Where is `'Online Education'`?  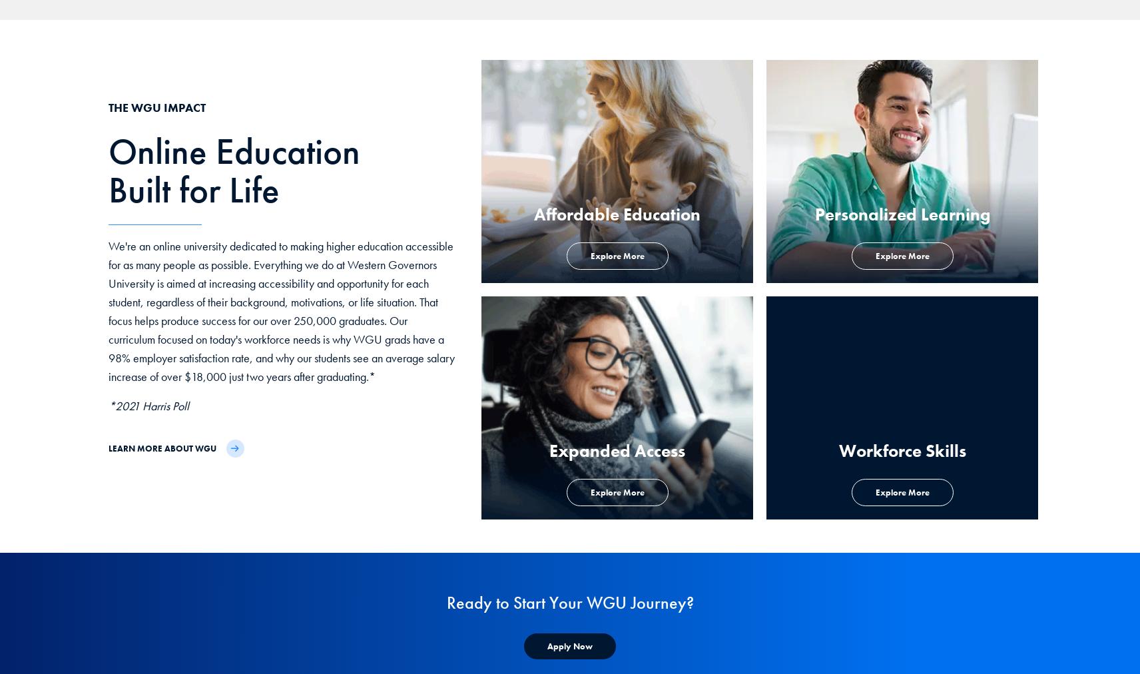
'Online Education' is located at coordinates (233, 151).